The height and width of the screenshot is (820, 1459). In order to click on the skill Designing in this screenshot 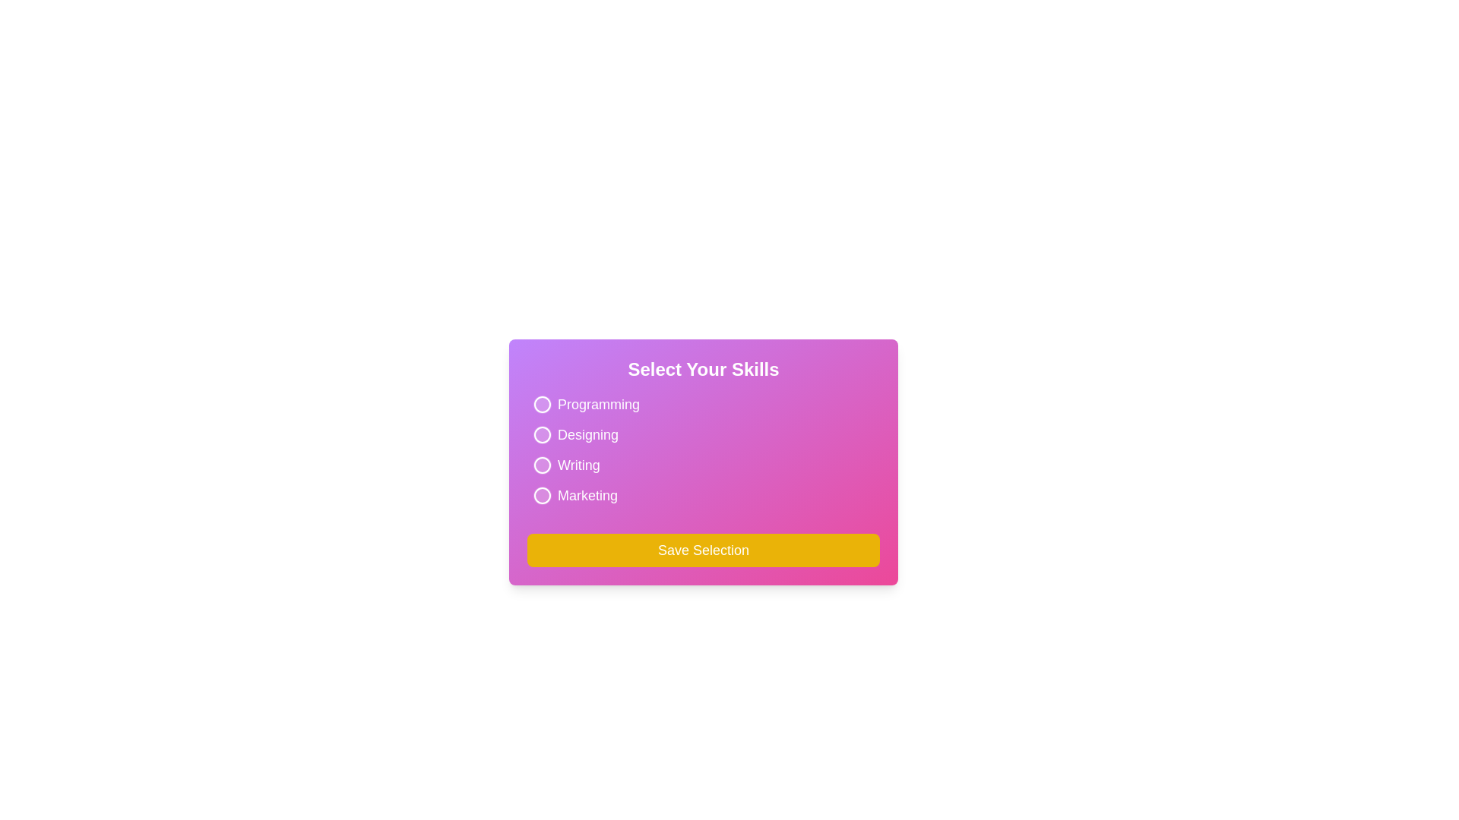, I will do `click(543, 435)`.